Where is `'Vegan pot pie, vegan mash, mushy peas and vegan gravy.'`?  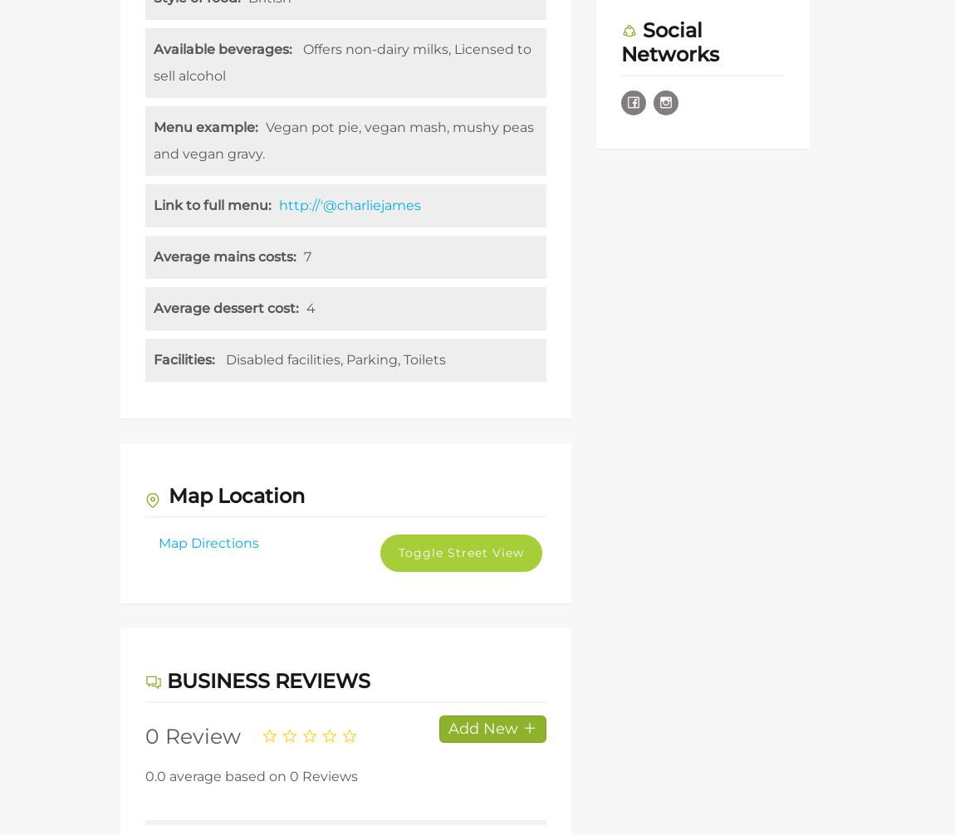 'Vegan pot pie, vegan mash, mushy peas and vegan gravy.' is located at coordinates (344, 140).